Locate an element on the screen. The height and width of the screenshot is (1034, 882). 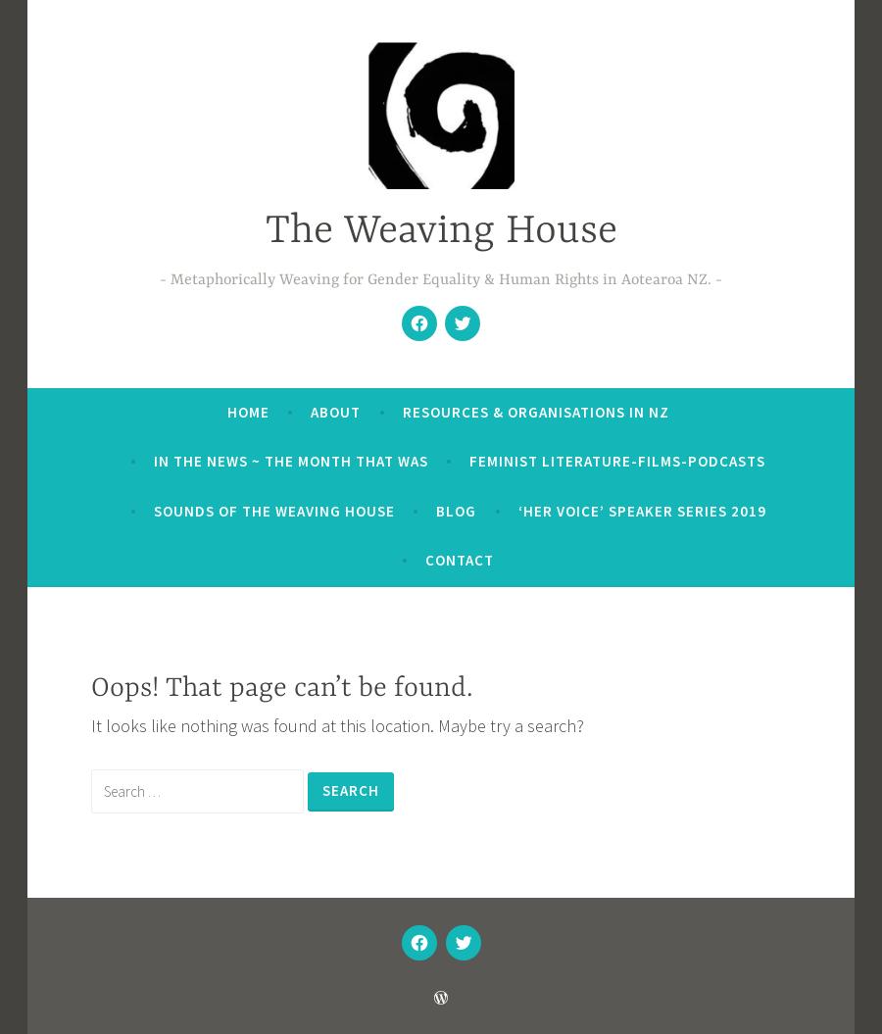
'Blog' is located at coordinates (455, 510).